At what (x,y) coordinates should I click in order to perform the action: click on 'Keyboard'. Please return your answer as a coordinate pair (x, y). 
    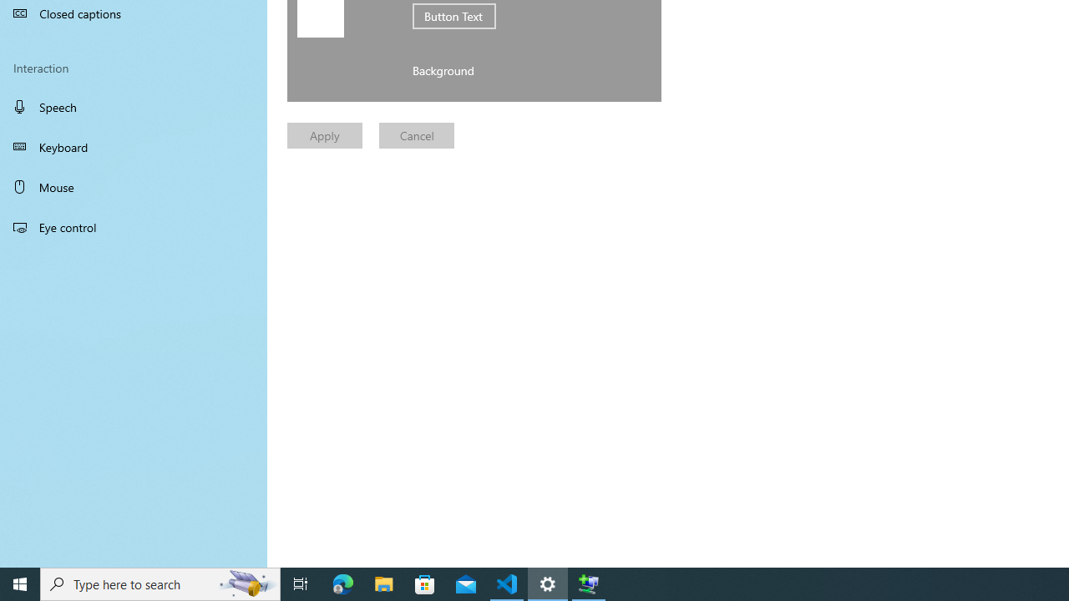
    Looking at the image, I should click on (134, 146).